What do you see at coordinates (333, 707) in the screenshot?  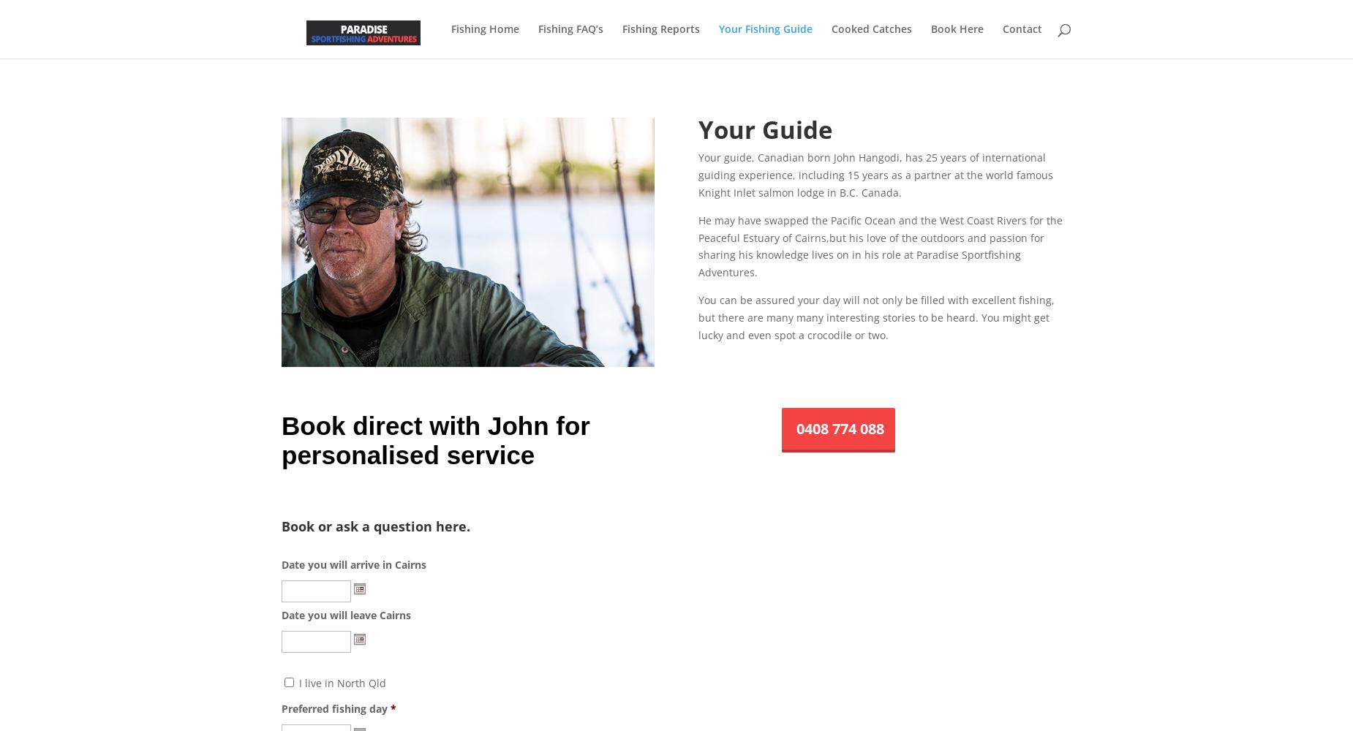 I see `'Preferred fishing day'` at bounding box center [333, 707].